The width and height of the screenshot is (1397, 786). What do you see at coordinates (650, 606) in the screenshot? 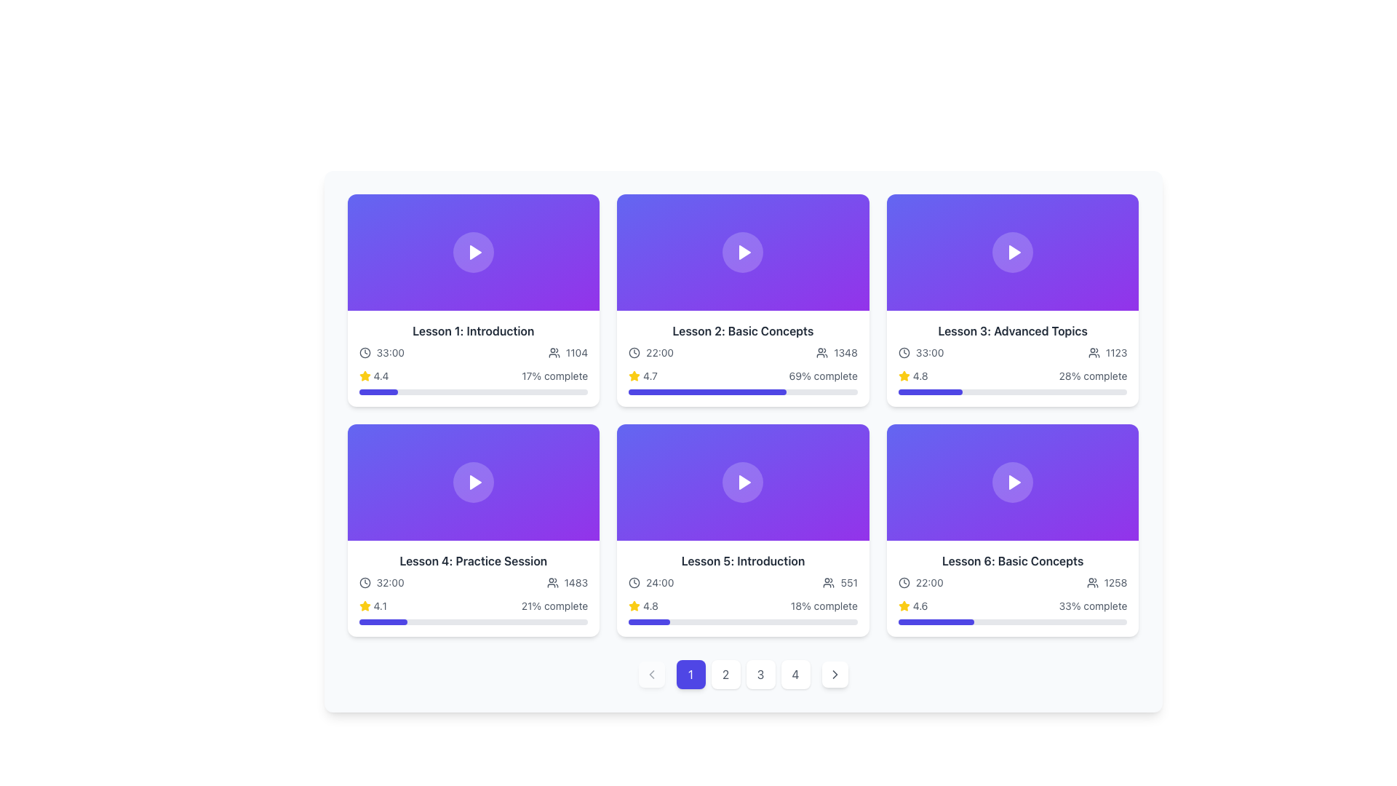
I see `the text label displaying the average rating for the 'Lesson 5: Introduction' card, located in the middle-right corner of the display, to the right of a yellow star symbol` at bounding box center [650, 606].